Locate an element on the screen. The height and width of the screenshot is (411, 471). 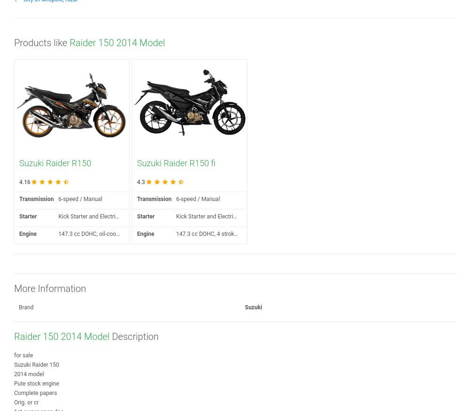
'Products like' is located at coordinates (41, 42).